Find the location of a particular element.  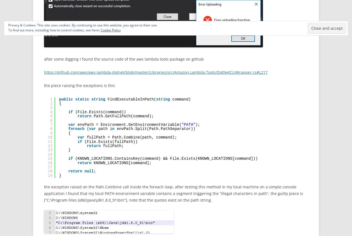

'public' is located at coordinates (66, 99).